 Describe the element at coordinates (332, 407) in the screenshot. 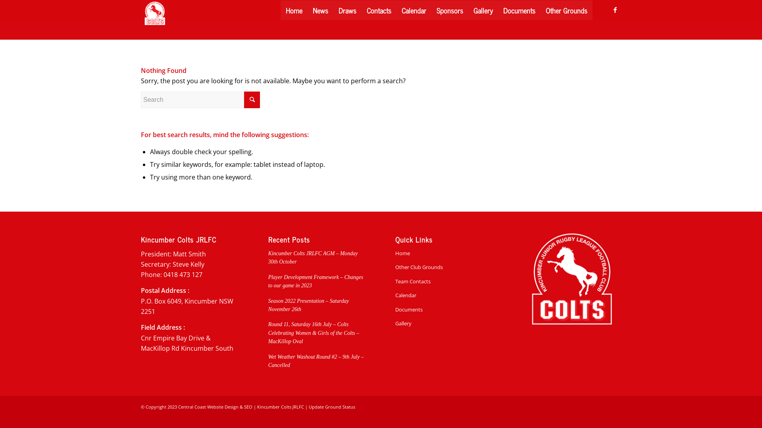

I see `'Update Ground Status'` at that location.